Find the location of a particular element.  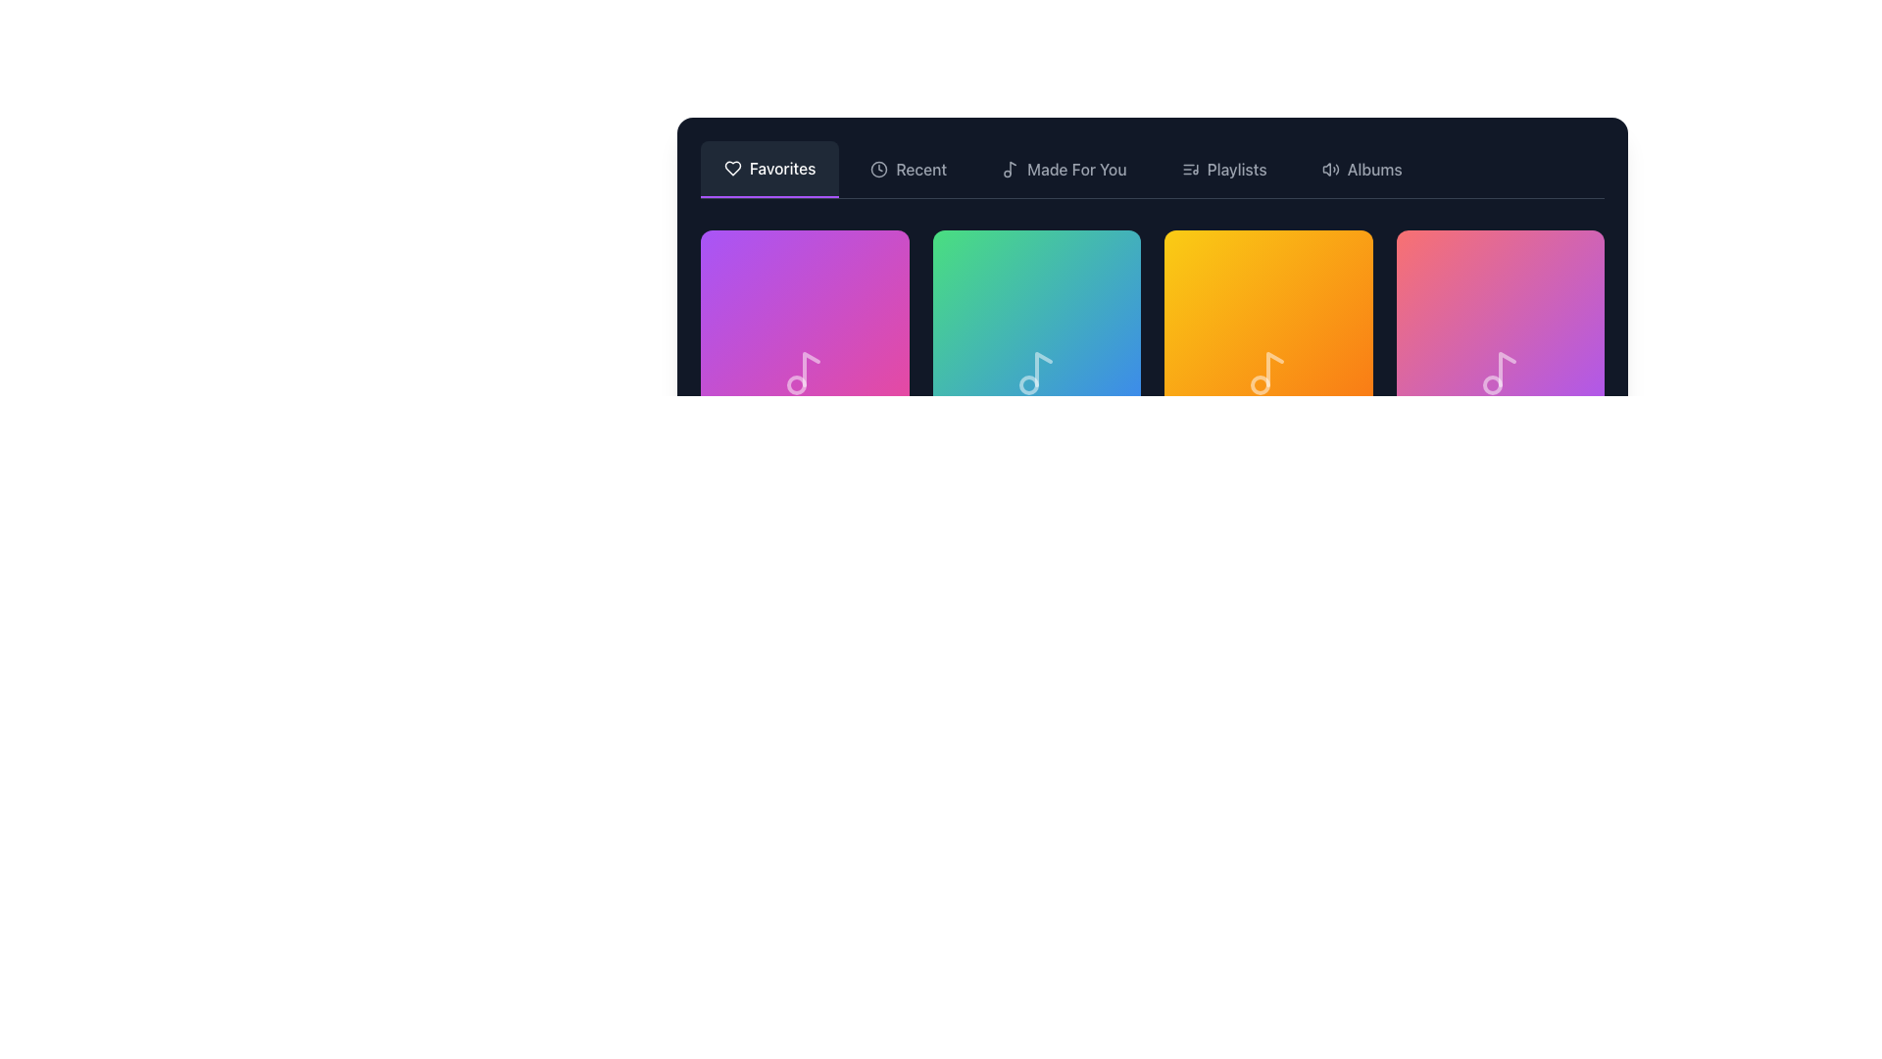

the text label located immediately to the right of the clock icon in the top navigation bar is located at coordinates (920, 169).